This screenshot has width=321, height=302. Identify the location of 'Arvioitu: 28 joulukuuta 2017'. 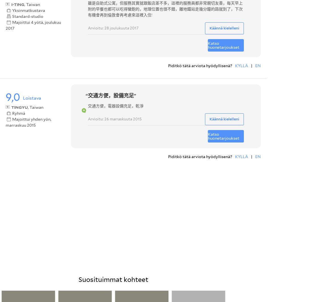
(113, 27).